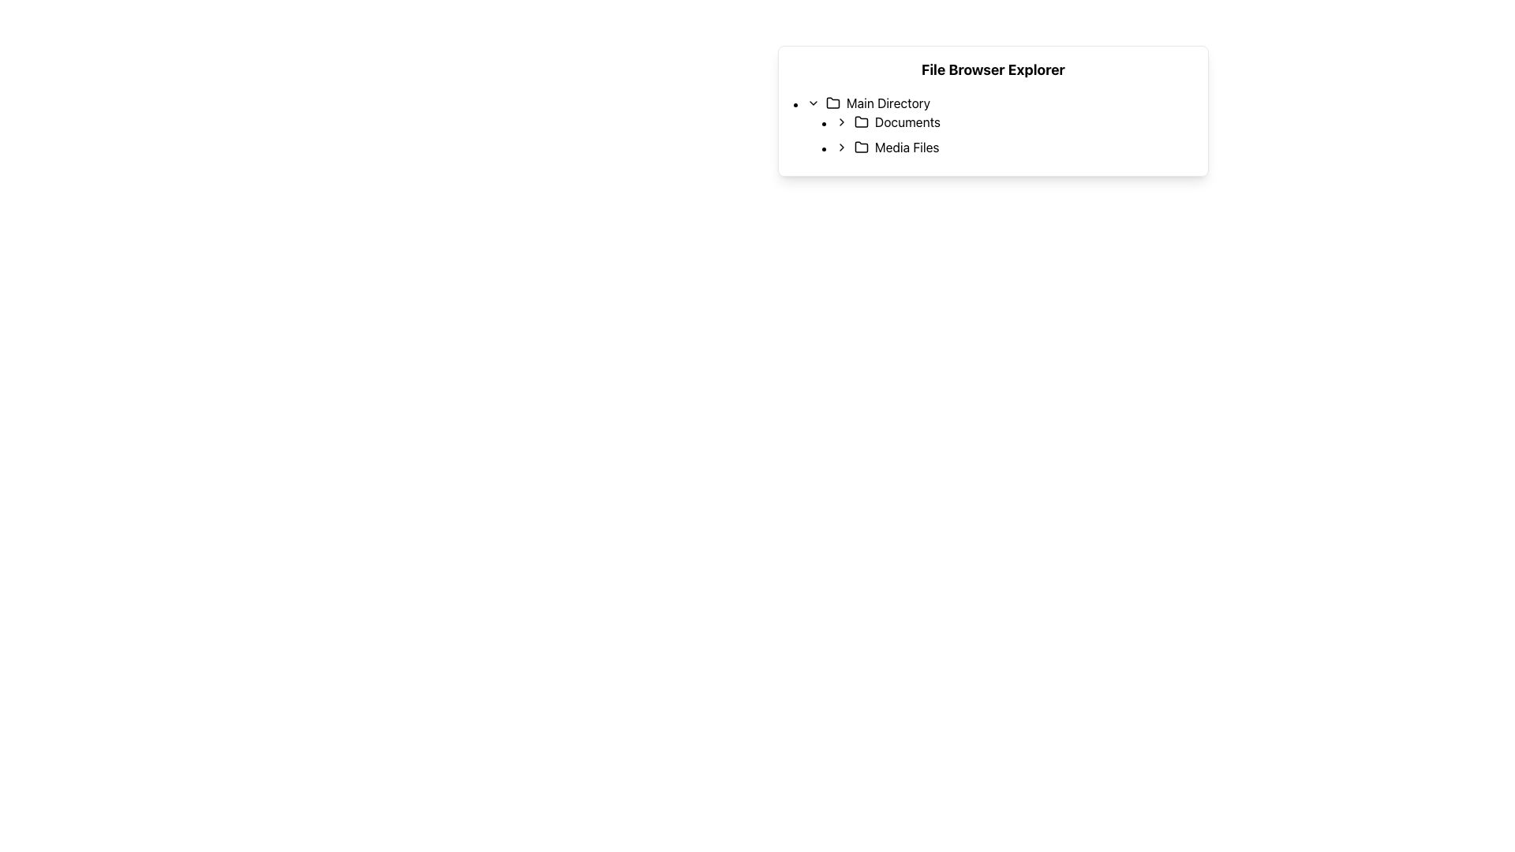 This screenshot has height=852, width=1515. What do you see at coordinates (907, 121) in the screenshot?
I see `the 'Documents' folder label` at bounding box center [907, 121].